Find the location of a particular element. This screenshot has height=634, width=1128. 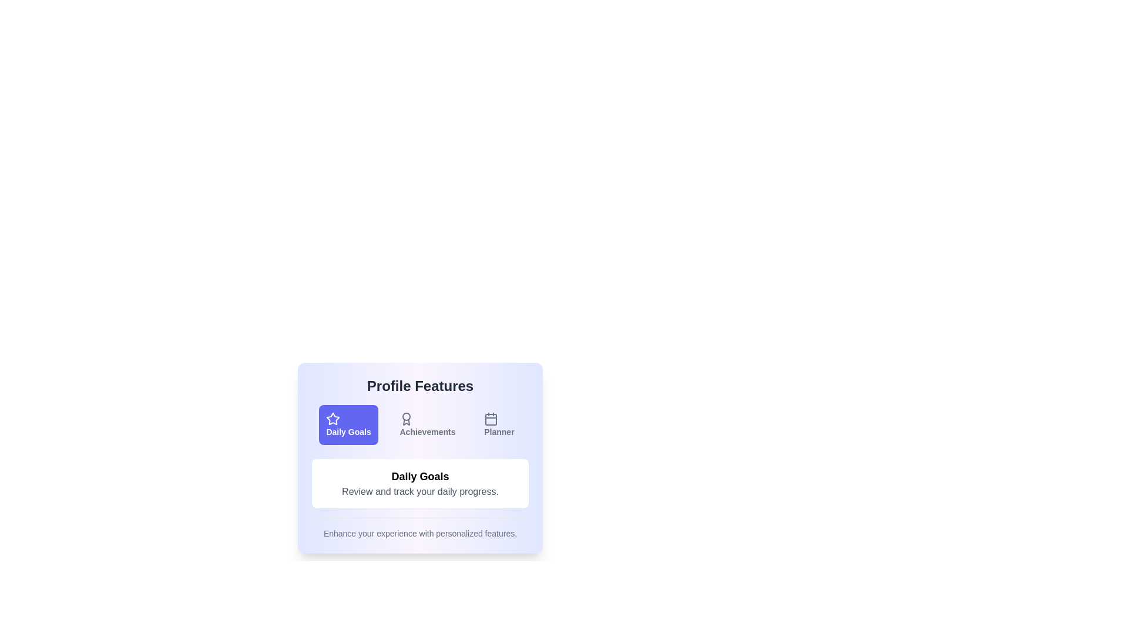

the text 'Daily Goals' for copying is located at coordinates (348, 425).